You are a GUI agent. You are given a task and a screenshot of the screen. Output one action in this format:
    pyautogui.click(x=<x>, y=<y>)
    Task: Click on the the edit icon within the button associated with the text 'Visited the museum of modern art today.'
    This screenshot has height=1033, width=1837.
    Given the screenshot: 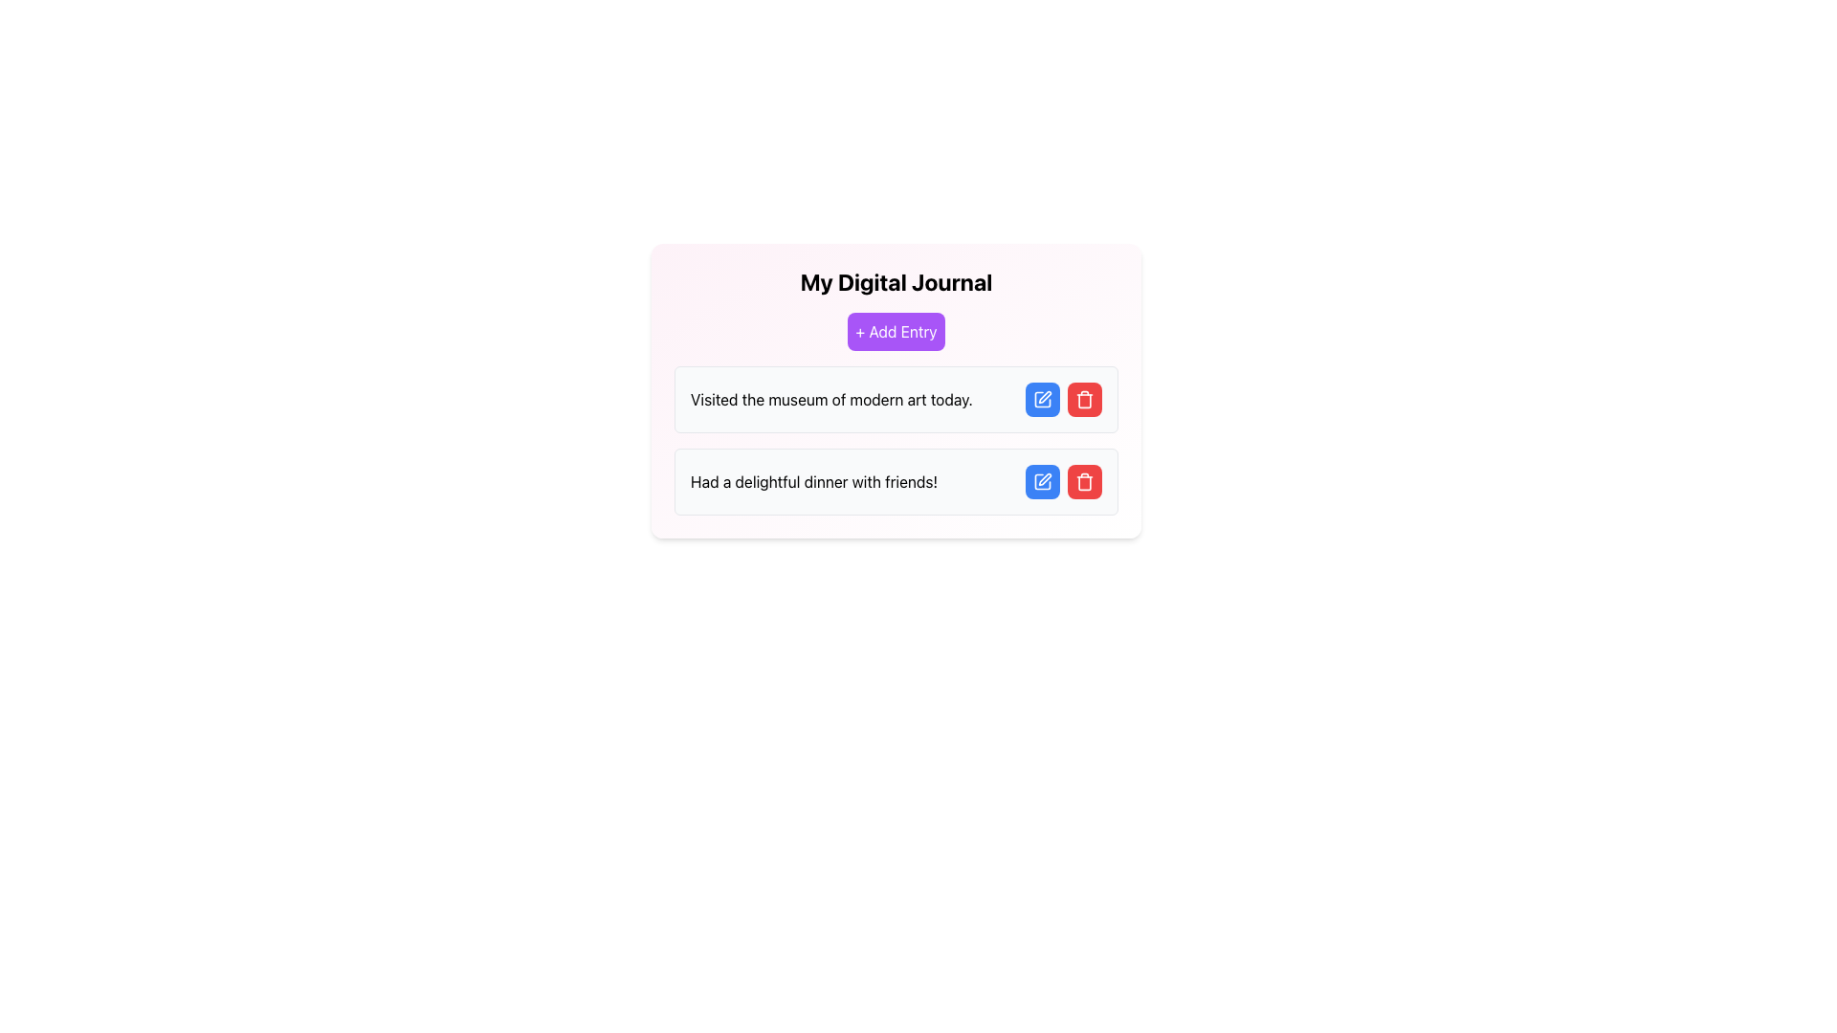 What is the action you would take?
    pyautogui.click(x=1041, y=398)
    